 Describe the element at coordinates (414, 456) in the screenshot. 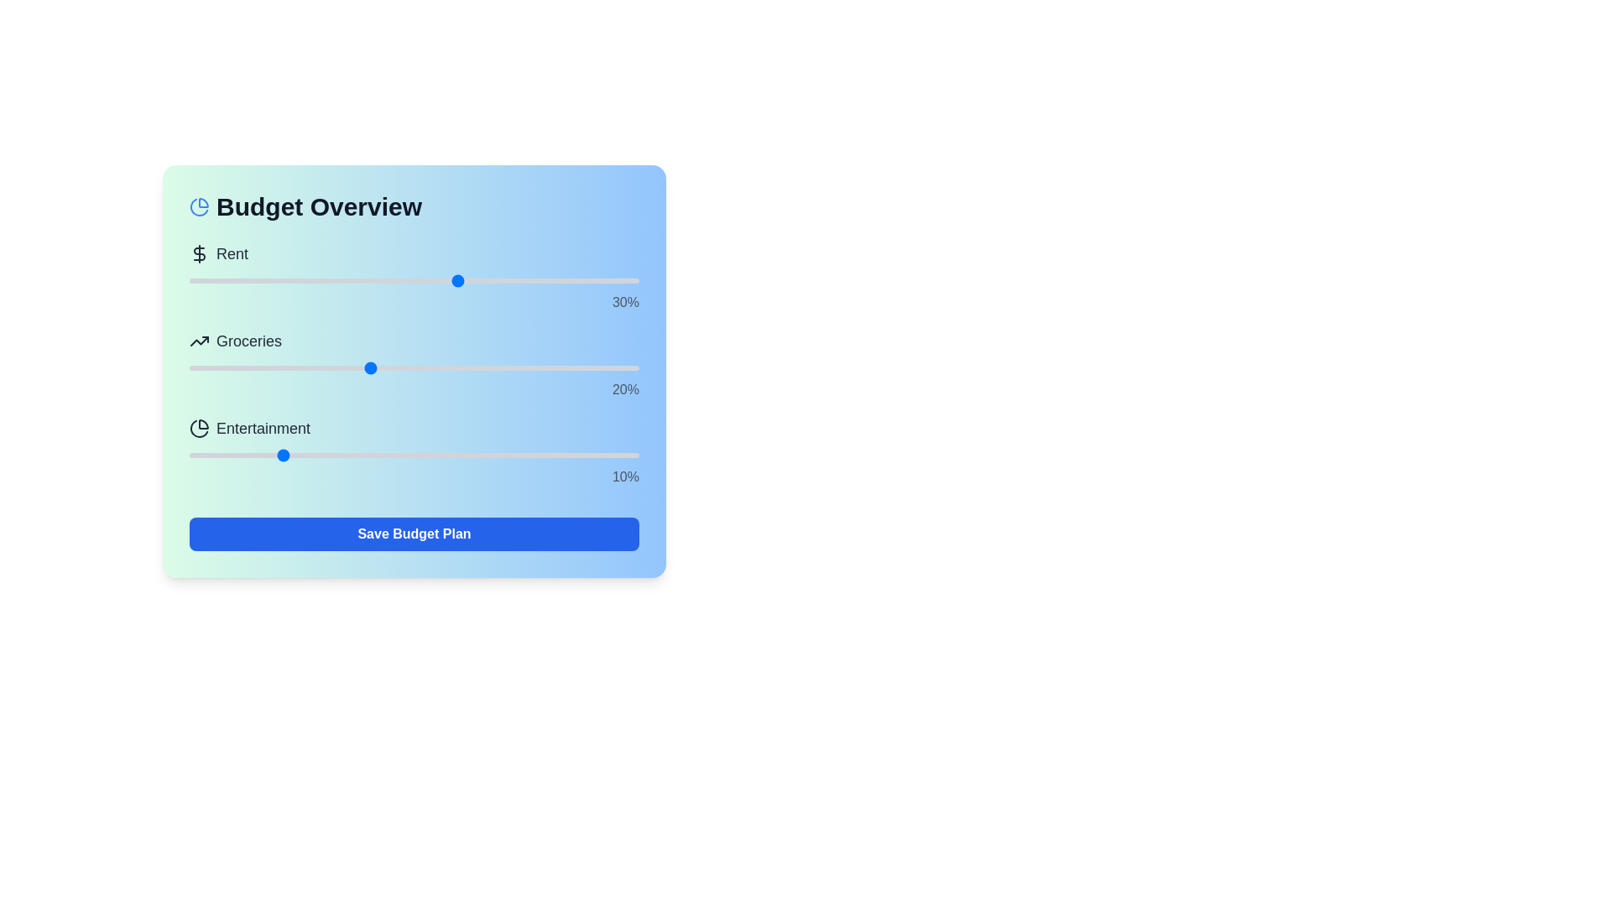

I see `the slider for 'Entertainment' located below the heading 'Budget Overview', which is the third slider in the list and positioned above the text '10%'` at that location.